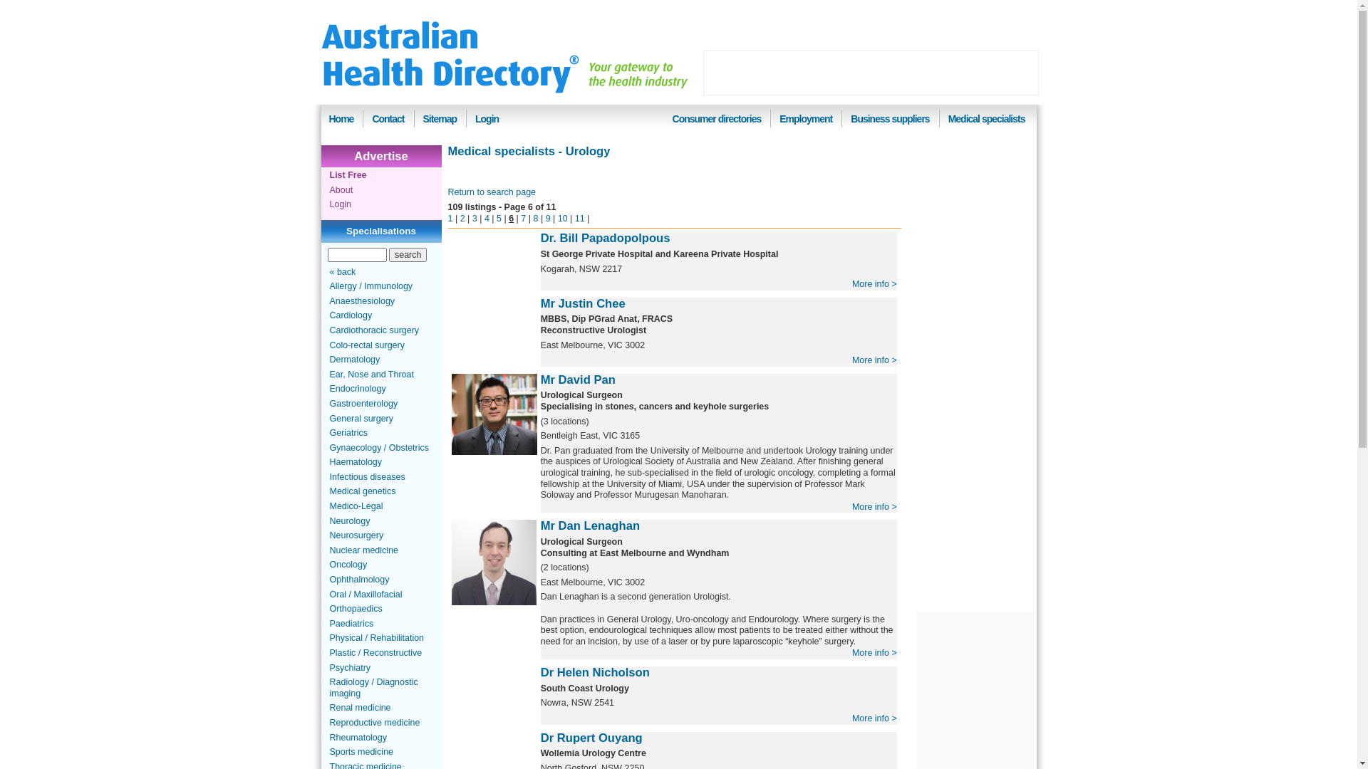 Image resolution: width=1368 pixels, height=769 pixels. Describe the element at coordinates (328, 686) in the screenshot. I see `'Radiology / Diagnostic imaging'` at that location.